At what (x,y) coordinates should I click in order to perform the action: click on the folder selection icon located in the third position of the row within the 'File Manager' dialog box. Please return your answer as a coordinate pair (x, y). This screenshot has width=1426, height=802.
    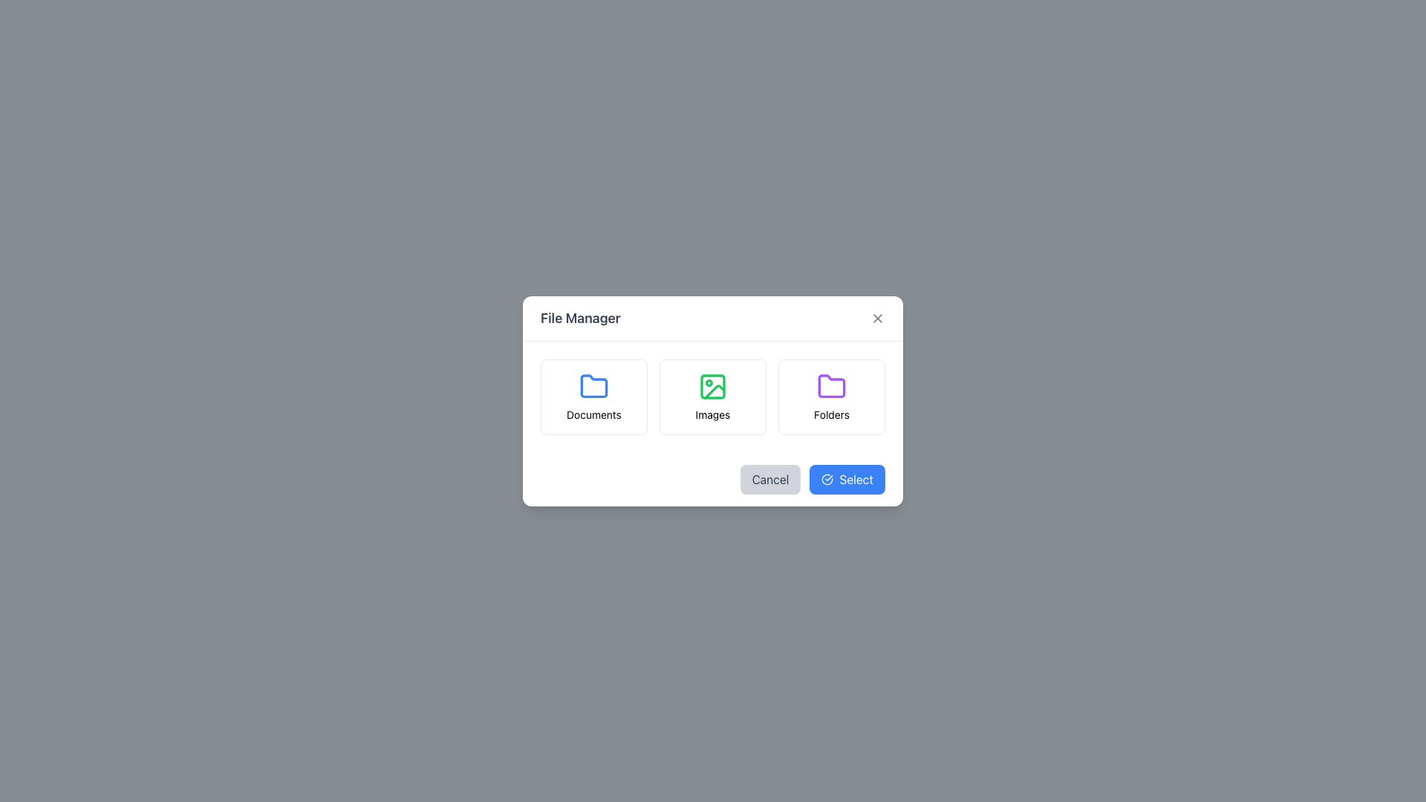
    Looking at the image, I should click on (830, 385).